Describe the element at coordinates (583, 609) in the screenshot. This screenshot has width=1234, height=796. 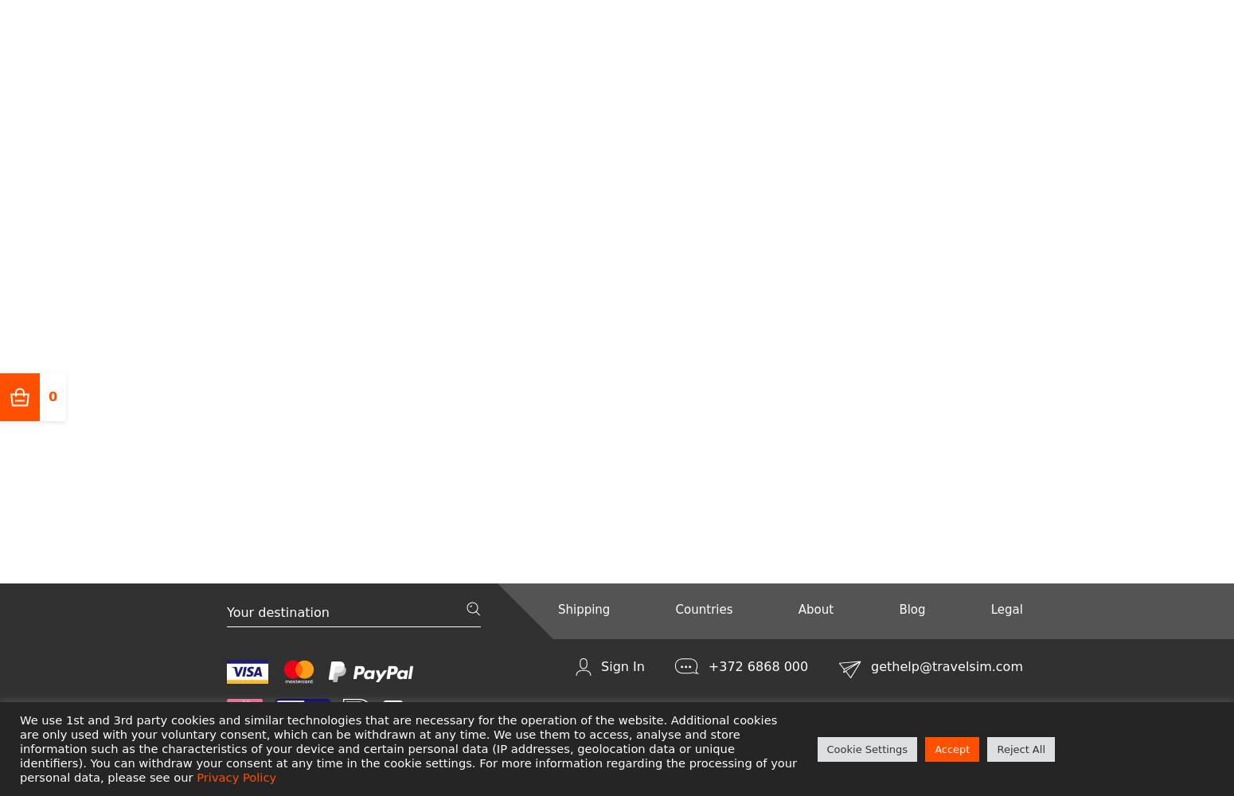
I see `'Shipping'` at that location.